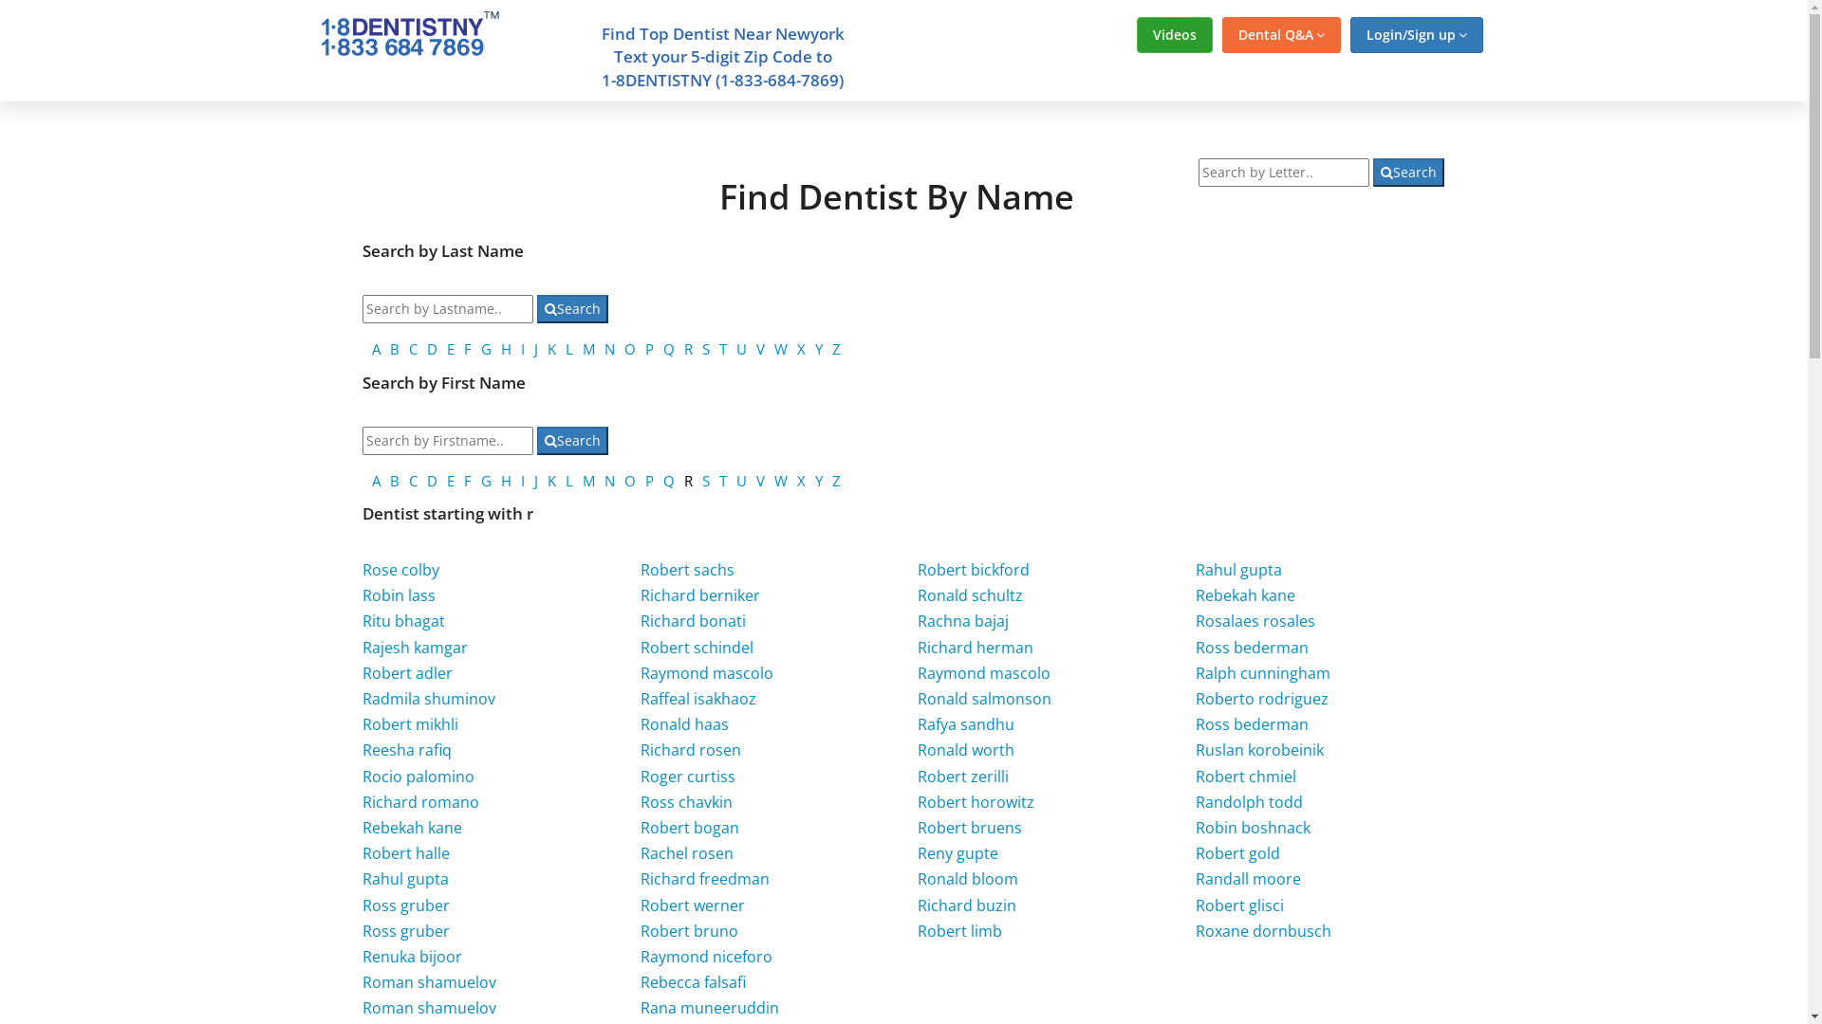 This screenshot has width=1822, height=1024. I want to click on 'Robert schindel', so click(696, 646).